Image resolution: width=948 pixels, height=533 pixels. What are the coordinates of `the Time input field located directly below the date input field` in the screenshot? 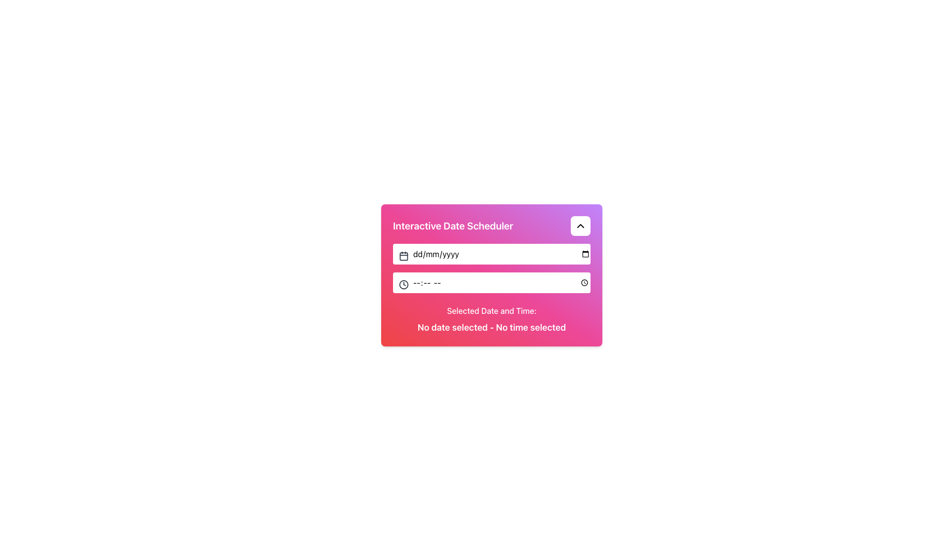 It's located at (492, 283).